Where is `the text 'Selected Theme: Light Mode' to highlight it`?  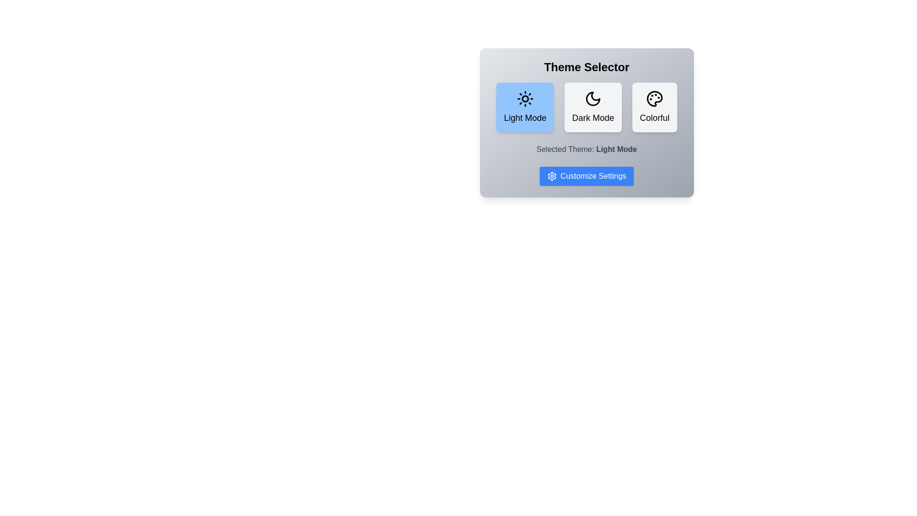
the text 'Selected Theme: Light Mode' to highlight it is located at coordinates (586, 149).